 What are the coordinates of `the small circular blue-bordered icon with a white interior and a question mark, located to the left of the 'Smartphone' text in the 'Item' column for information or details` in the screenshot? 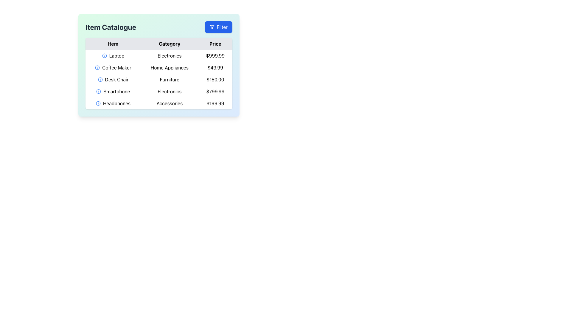 It's located at (99, 92).